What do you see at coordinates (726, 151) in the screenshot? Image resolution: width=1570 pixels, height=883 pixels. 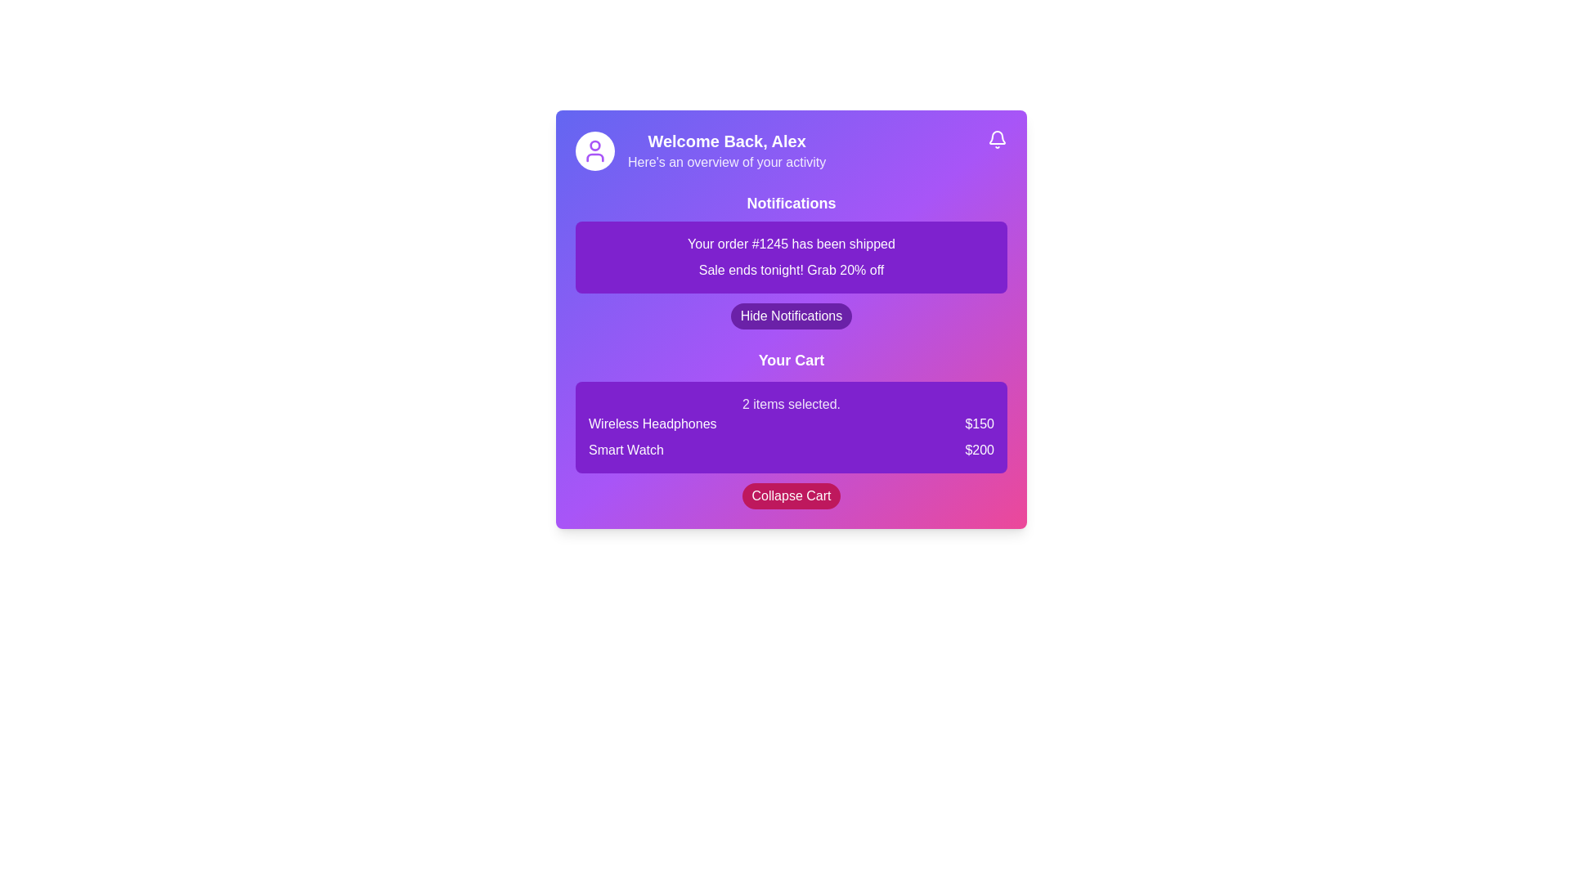 I see `the greeting section that says 'Welcome Back, Alex' followed by 'Here's an overview of your activity', which is located in the upper part of a purple gradient rectangular card` at bounding box center [726, 151].